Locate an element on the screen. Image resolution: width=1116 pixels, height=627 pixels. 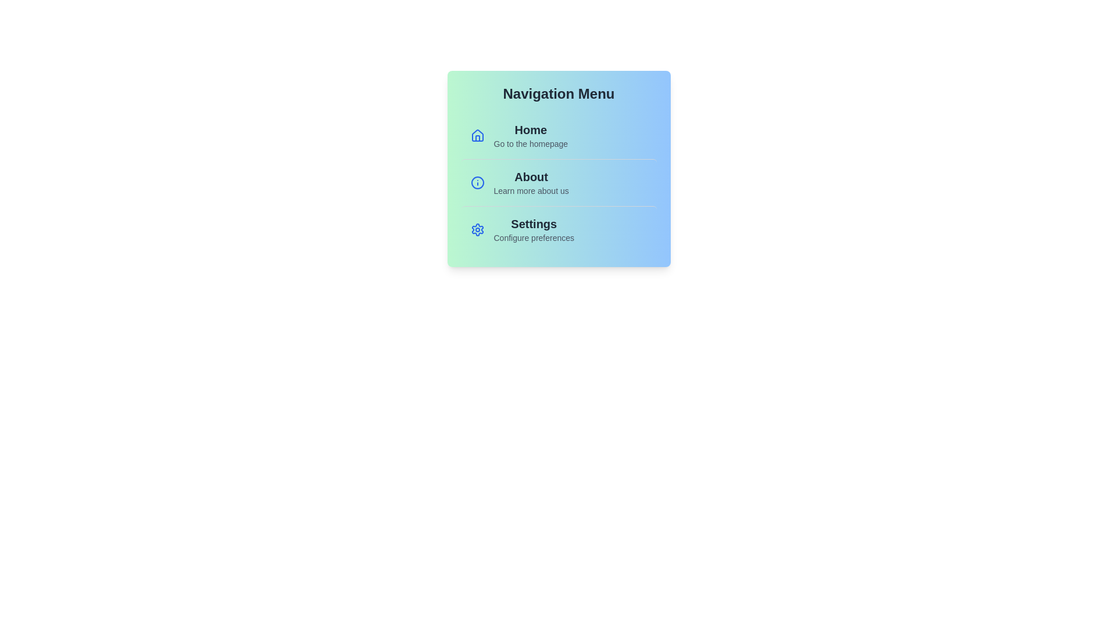
the menu item About to trigger its hover effect is located at coordinates (559, 182).